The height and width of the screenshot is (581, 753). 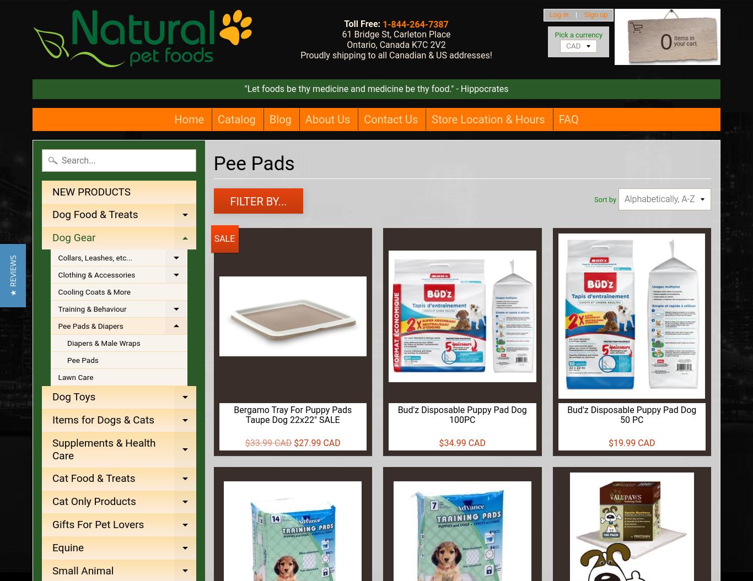 What do you see at coordinates (375, 89) in the screenshot?
I see `'"Let foods be thy medicine and medicine be thy food." - Hippocrates'` at bounding box center [375, 89].